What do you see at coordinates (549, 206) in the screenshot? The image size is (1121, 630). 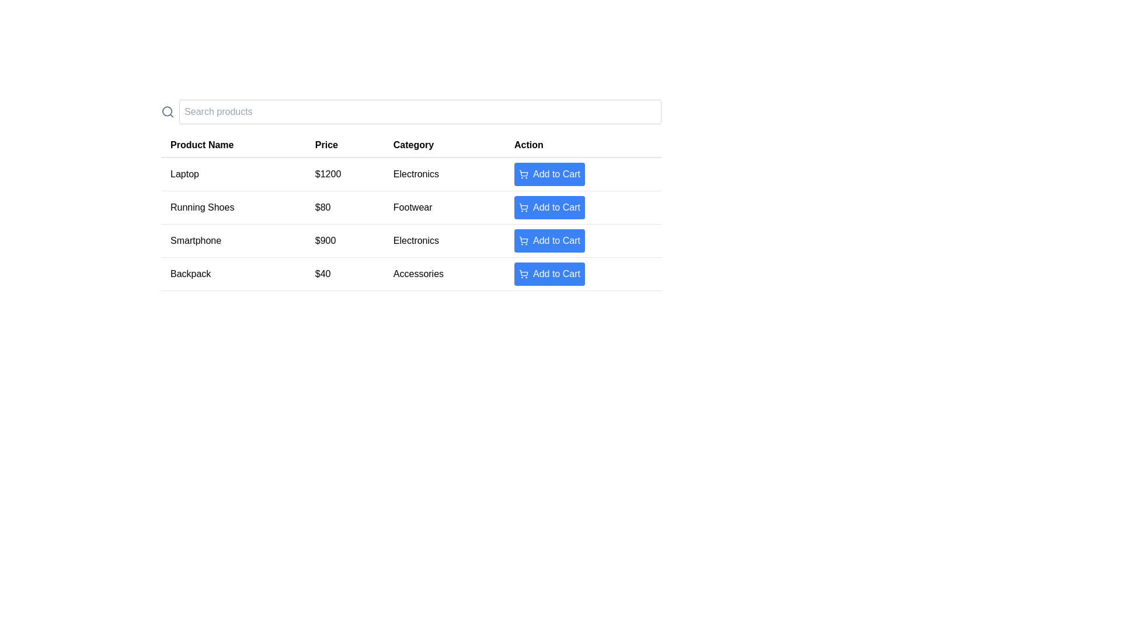 I see `the 'Add to Cart' button for 'Running Shoes'` at bounding box center [549, 206].